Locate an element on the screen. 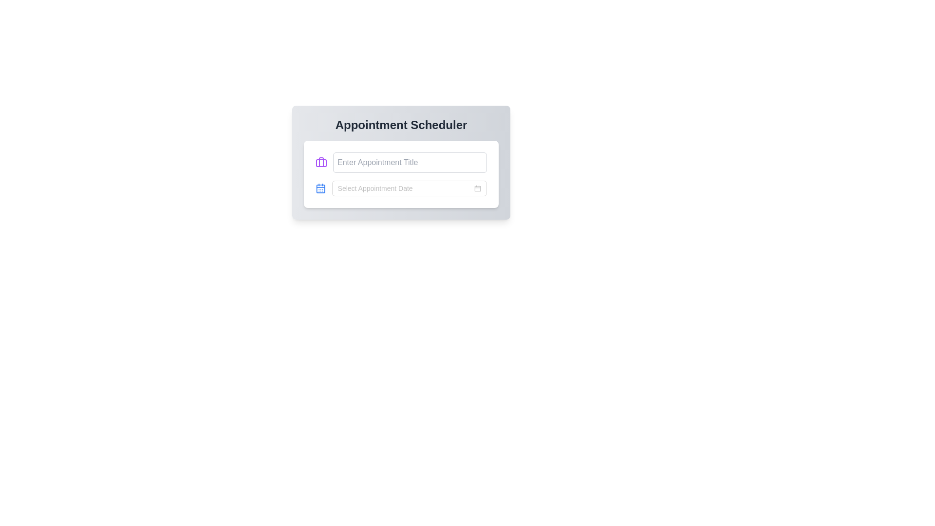  the Date-picker input field located below the 'Enter Appointment Title' field is located at coordinates (409, 188).